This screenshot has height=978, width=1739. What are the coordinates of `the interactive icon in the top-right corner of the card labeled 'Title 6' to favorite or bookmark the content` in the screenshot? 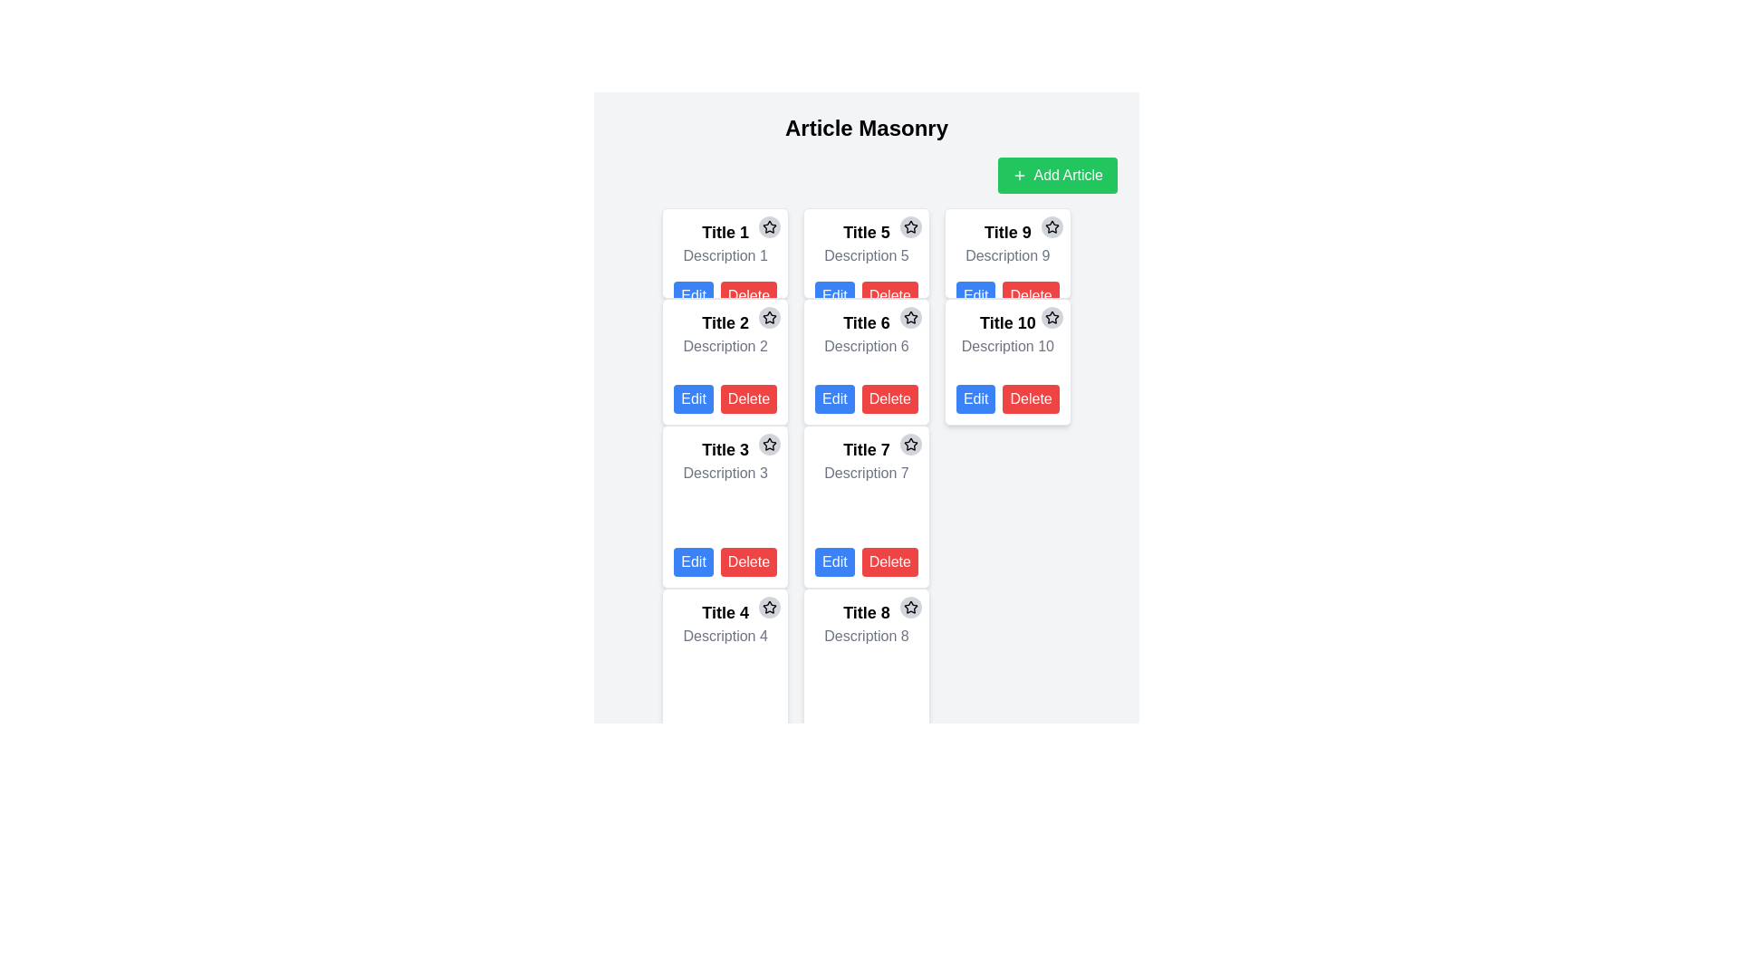 It's located at (910, 317).